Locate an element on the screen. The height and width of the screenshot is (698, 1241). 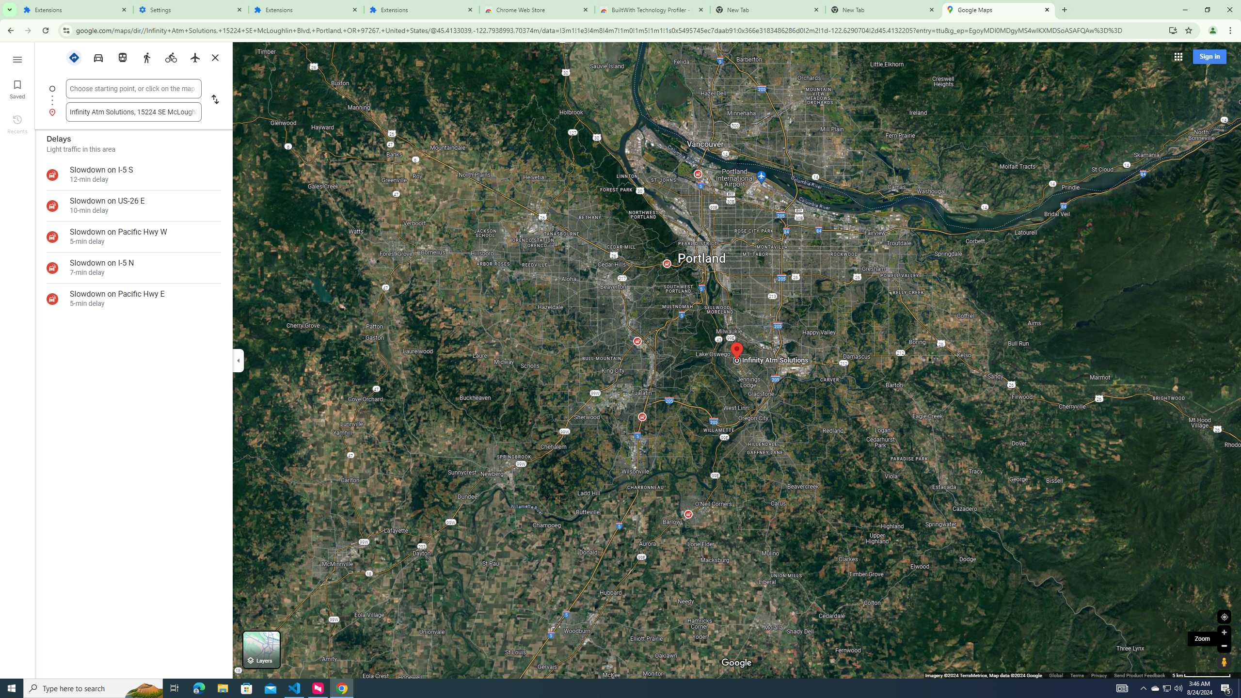
'Driving' is located at coordinates (98, 57).